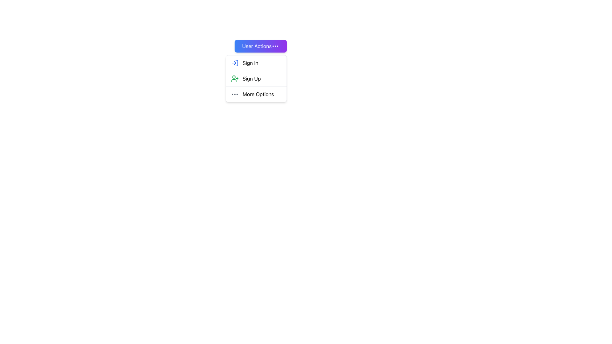 The width and height of the screenshot is (612, 344). I want to click on the icon with three horizontally-aligned dots located on the right edge of the 'User Actions' button, so click(275, 46).